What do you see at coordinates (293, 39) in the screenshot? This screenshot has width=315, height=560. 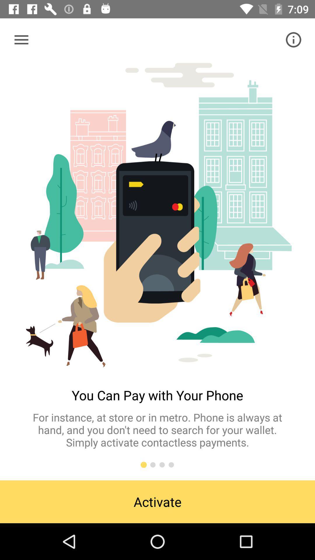 I see `the info icon` at bounding box center [293, 39].